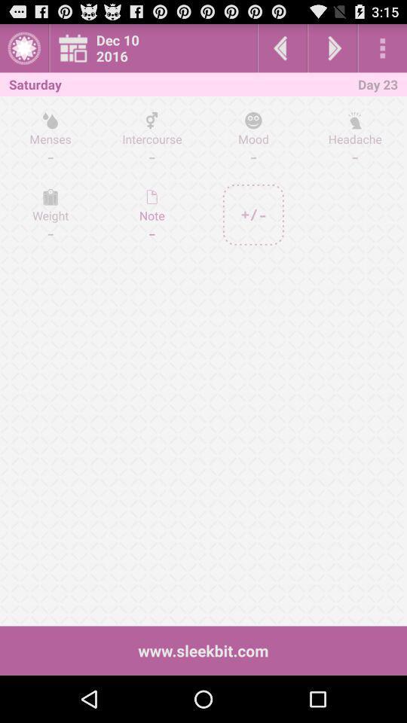 The image size is (407, 723). Describe the element at coordinates (382, 47) in the screenshot. I see `open options menu` at that location.